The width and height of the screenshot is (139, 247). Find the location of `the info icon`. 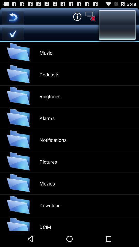

the info icon is located at coordinates (77, 17).